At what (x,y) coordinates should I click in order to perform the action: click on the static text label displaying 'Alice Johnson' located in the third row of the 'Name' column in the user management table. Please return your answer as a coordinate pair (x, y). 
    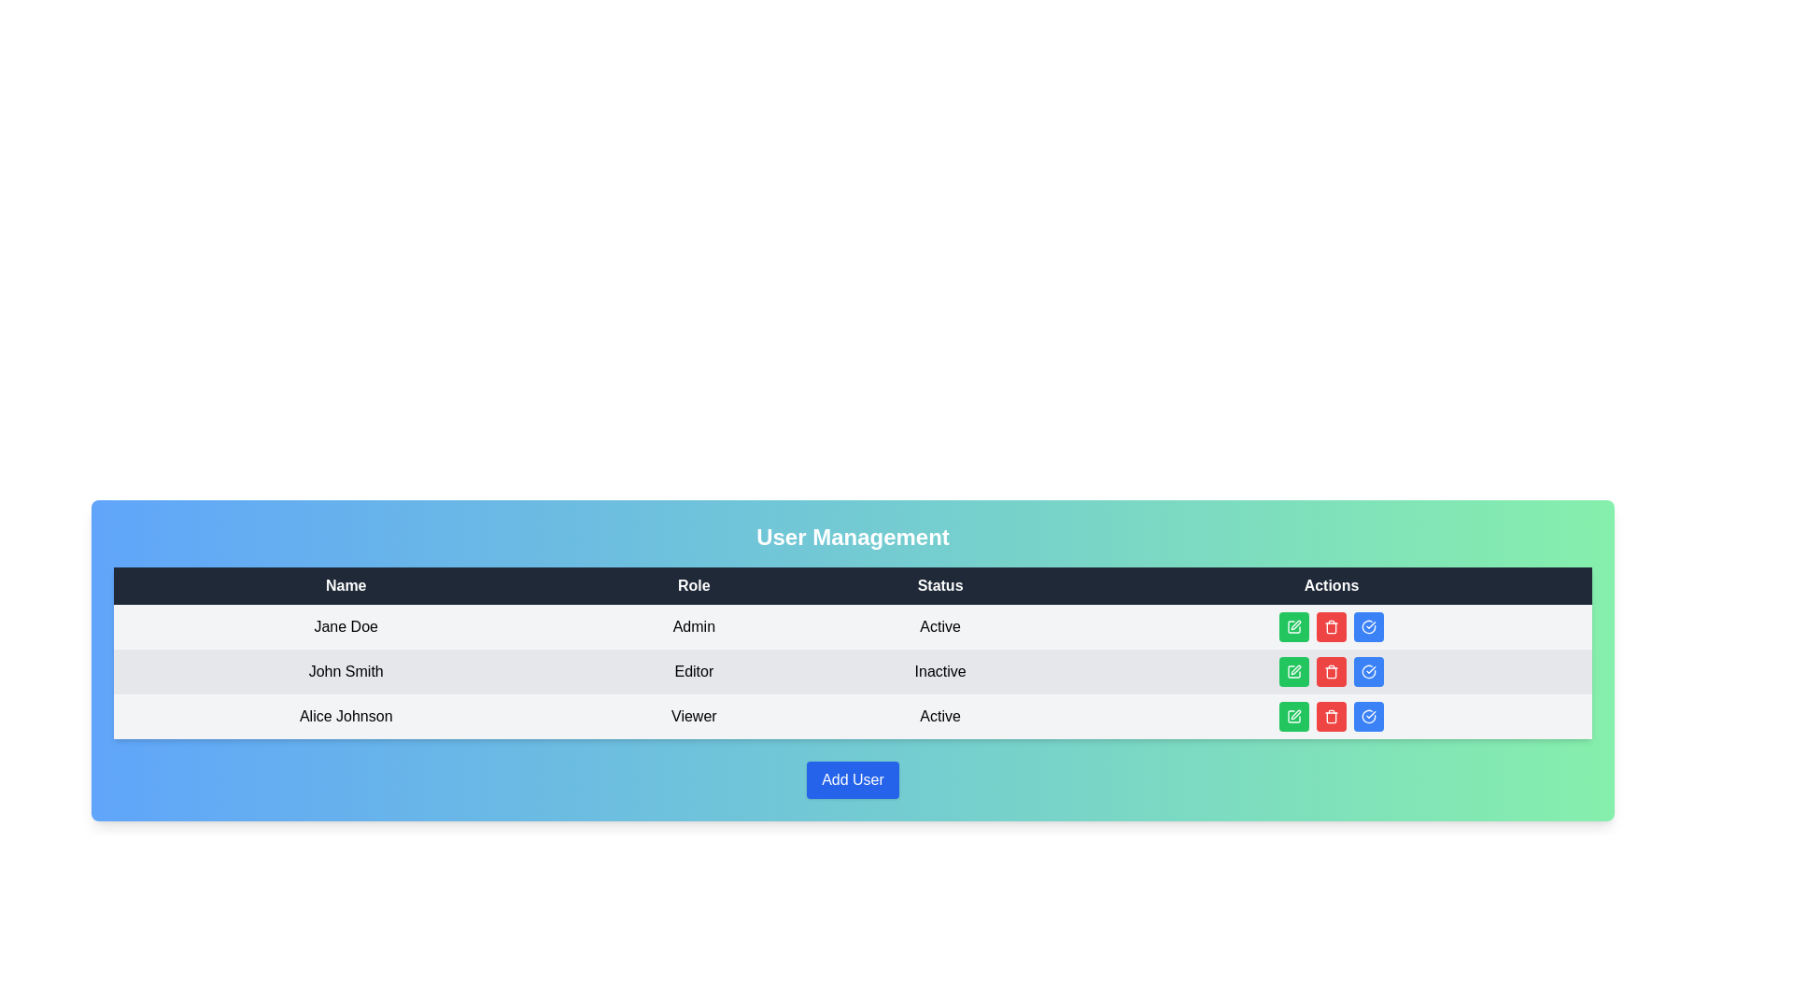
    Looking at the image, I should click on (346, 715).